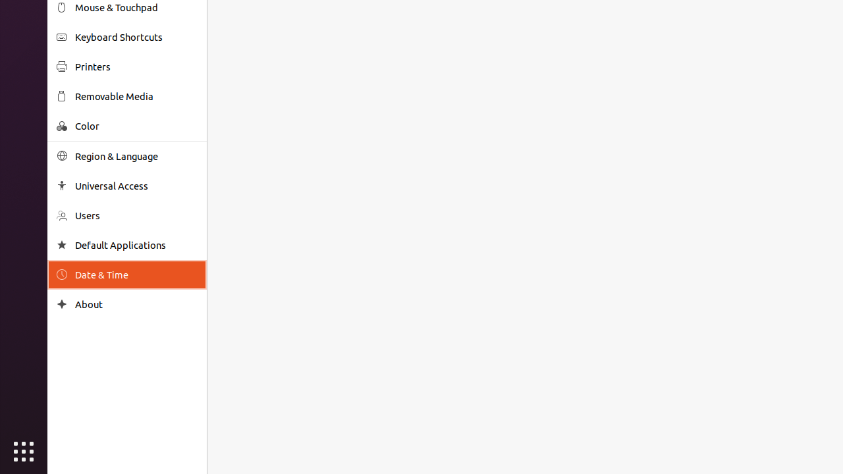  What do you see at coordinates (136, 304) in the screenshot?
I see `'About'` at bounding box center [136, 304].